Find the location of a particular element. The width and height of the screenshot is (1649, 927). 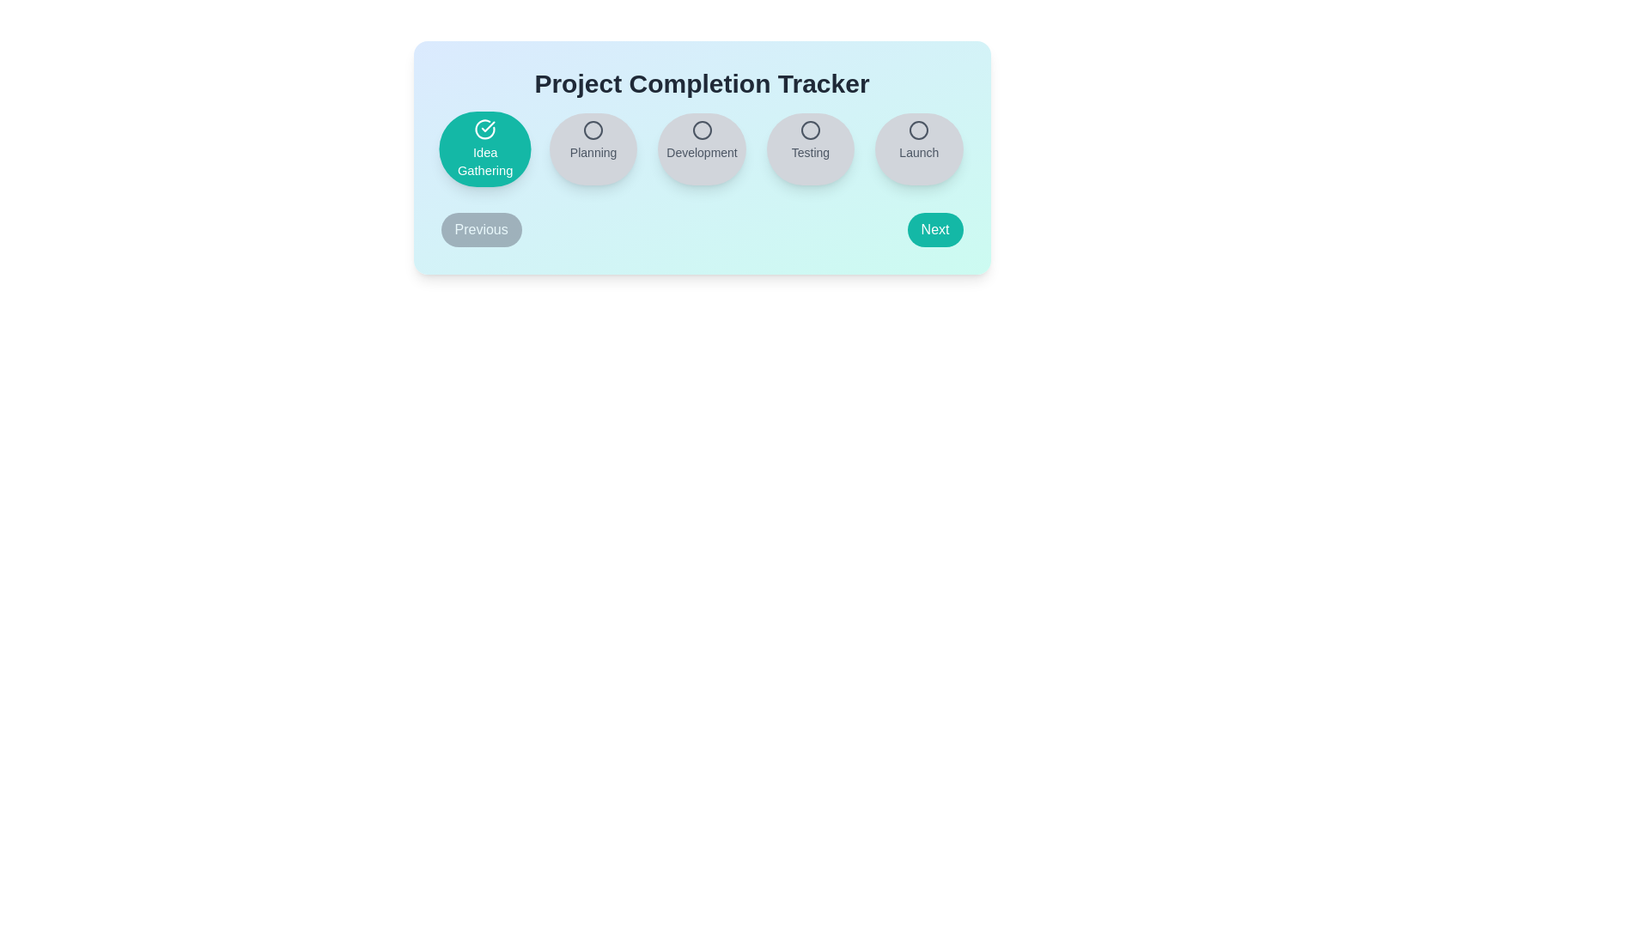

the final stage graphical icon in the progression tracker, which represents the 'Launch' stage is located at coordinates (918, 129).